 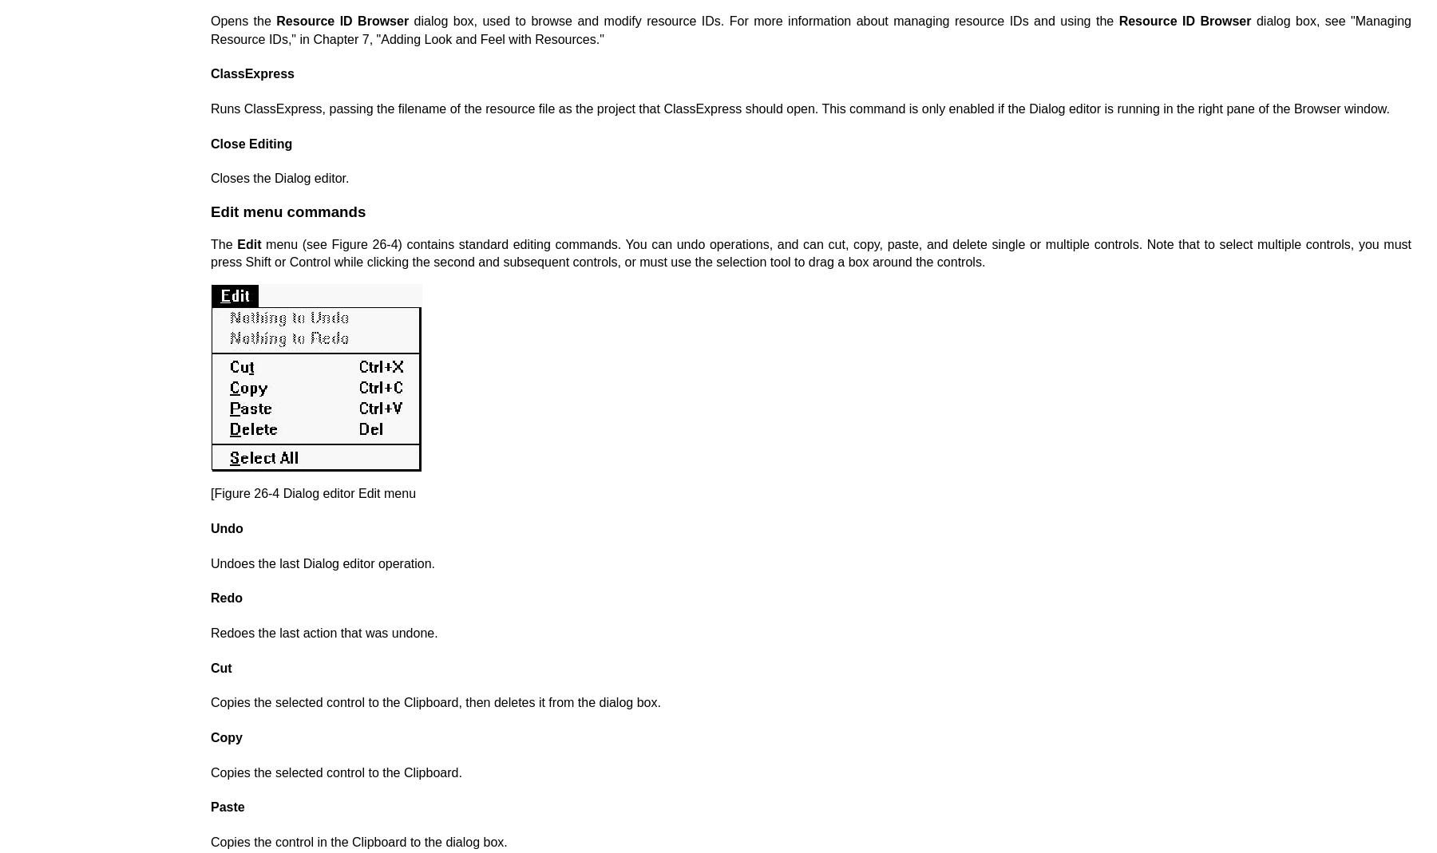 What do you see at coordinates (210, 251) in the screenshot?
I see `'menu (see Figure 26-4) contains standard editing 
commands. You can undo operations, and can cut, copy, paste, and 
delete single or multiple controls. Note that to select multiple 
controls, you must press Shift or Control while clicking the second 
and subsequent controls, or must use the selection tool to drag a box 
around the controls.'` at bounding box center [210, 251].